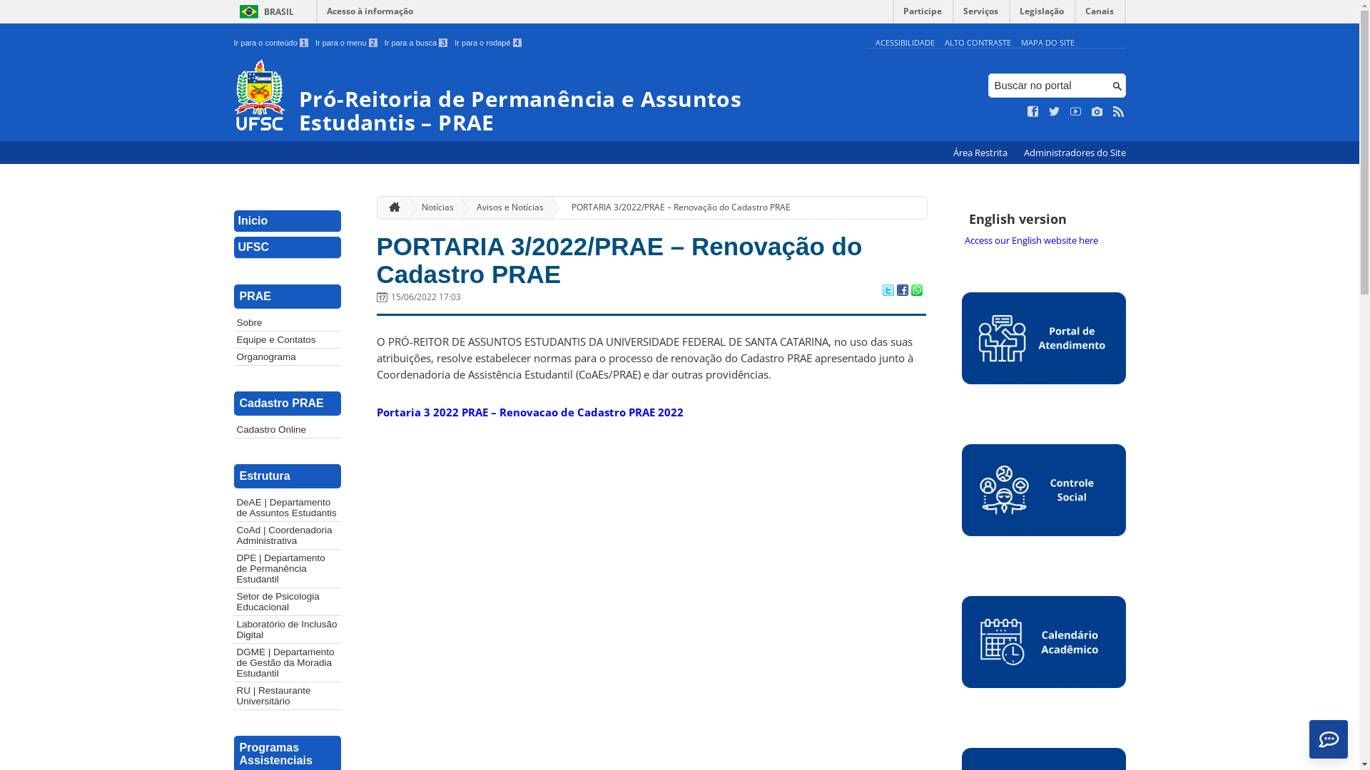 The image size is (1370, 770). I want to click on 'ACESSIBILIDADE', so click(903, 41).